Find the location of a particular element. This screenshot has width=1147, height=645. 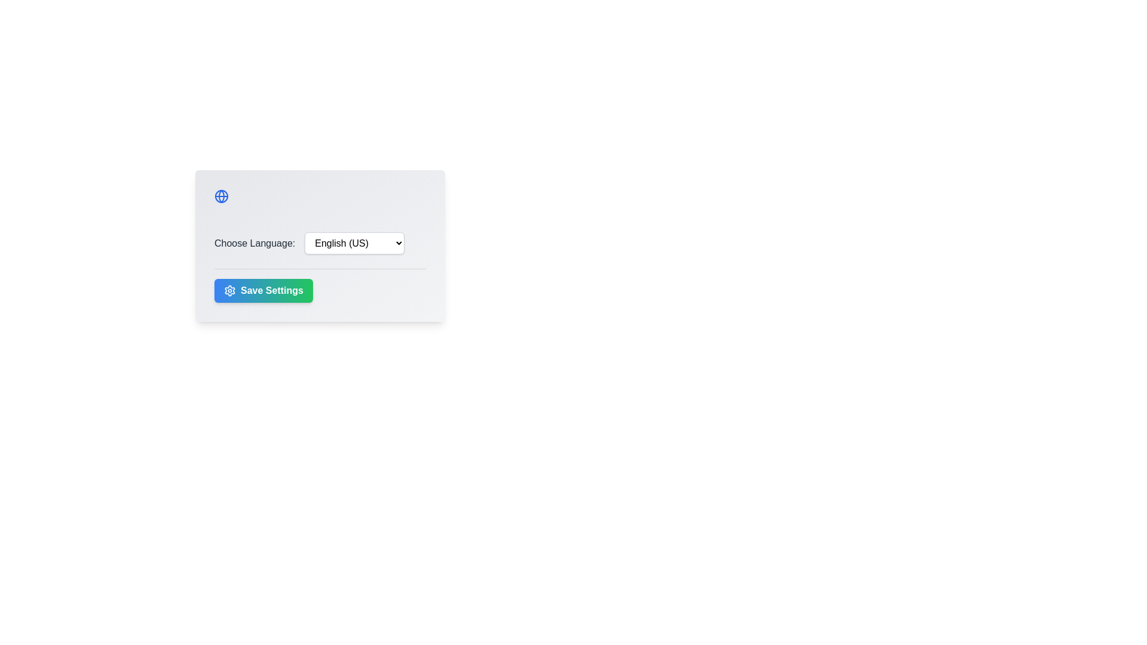

the dropdown menu styled with a white background and displaying 'English (US)' is located at coordinates (354, 242).